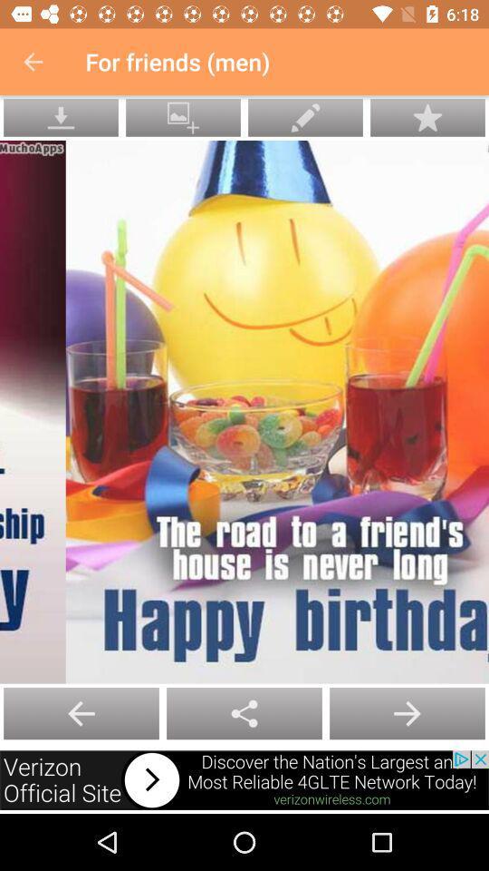  Describe the element at coordinates (81, 713) in the screenshot. I see `the add icon` at that location.